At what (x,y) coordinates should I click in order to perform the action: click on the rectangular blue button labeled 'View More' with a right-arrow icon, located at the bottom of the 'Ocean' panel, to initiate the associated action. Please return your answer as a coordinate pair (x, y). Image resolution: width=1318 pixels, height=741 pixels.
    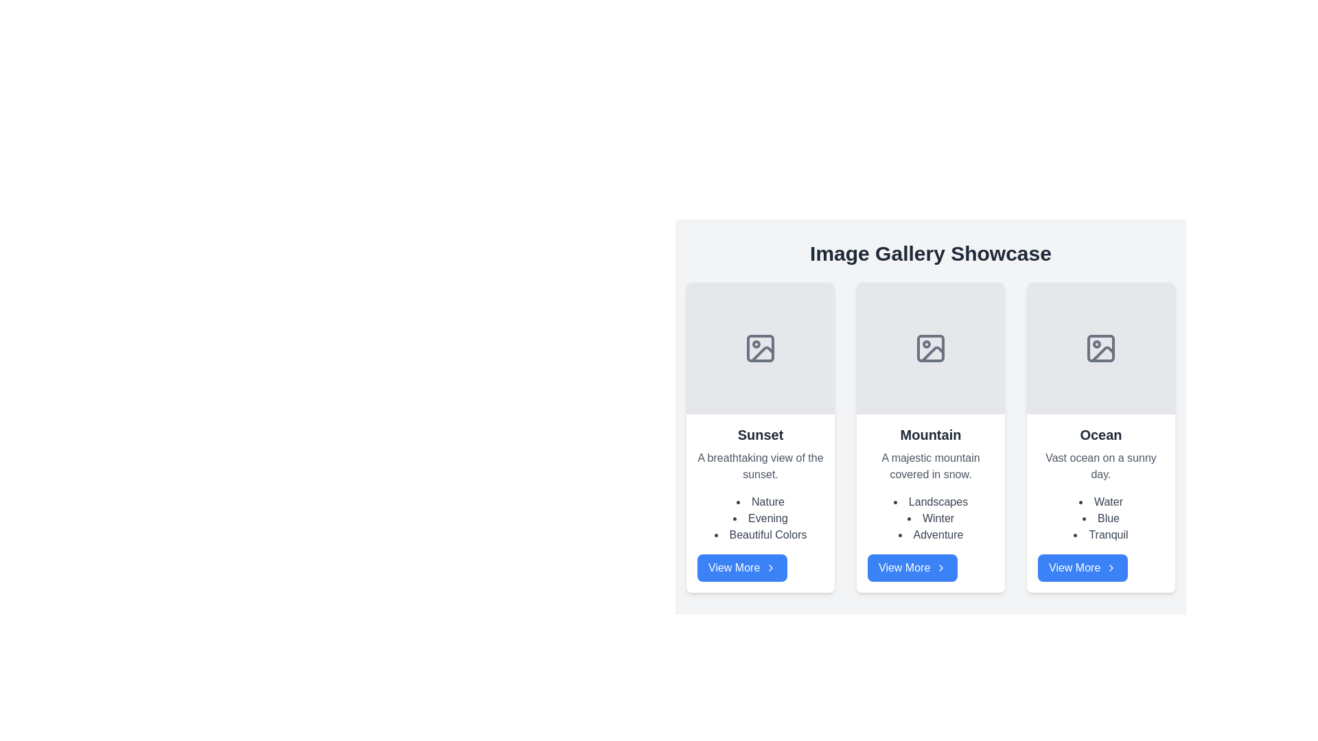
    Looking at the image, I should click on (1082, 568).